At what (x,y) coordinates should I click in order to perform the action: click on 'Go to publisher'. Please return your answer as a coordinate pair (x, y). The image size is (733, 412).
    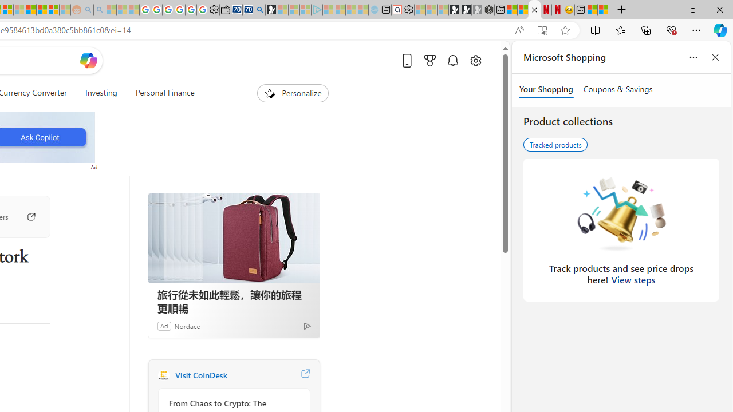
    Looking at the image, I should click on (25, 217).